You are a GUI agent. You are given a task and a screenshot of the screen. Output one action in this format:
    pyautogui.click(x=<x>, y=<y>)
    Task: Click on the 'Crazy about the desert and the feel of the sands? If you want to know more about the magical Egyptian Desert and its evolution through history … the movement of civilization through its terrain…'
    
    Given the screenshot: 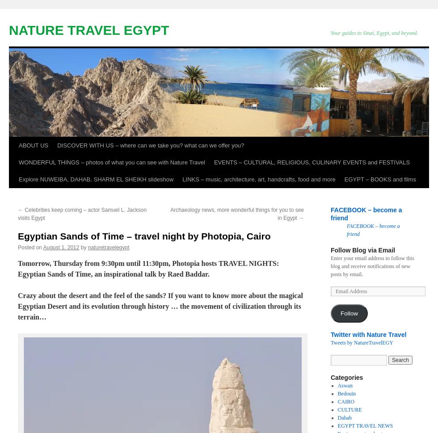 What is the action you would take?
    pyautogui.click(x=160, y=306)
    